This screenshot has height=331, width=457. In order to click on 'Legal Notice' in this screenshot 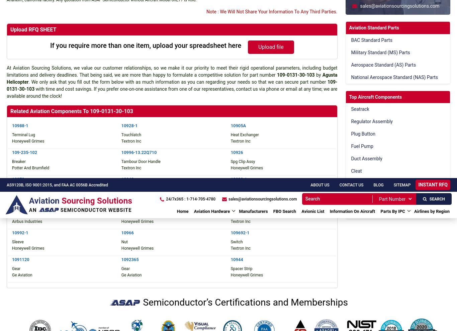, I will do `click(279, 21)`.